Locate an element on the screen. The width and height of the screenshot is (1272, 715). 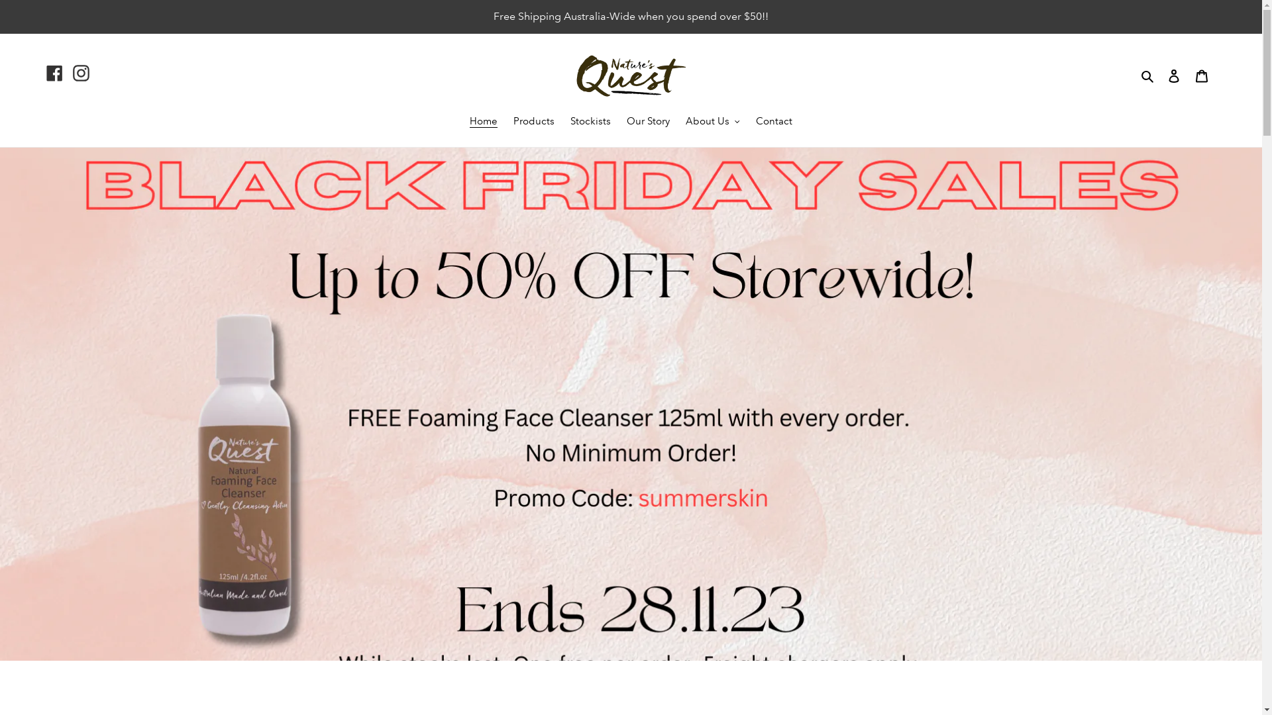
'About Us' is located at coordinates (679, 122).